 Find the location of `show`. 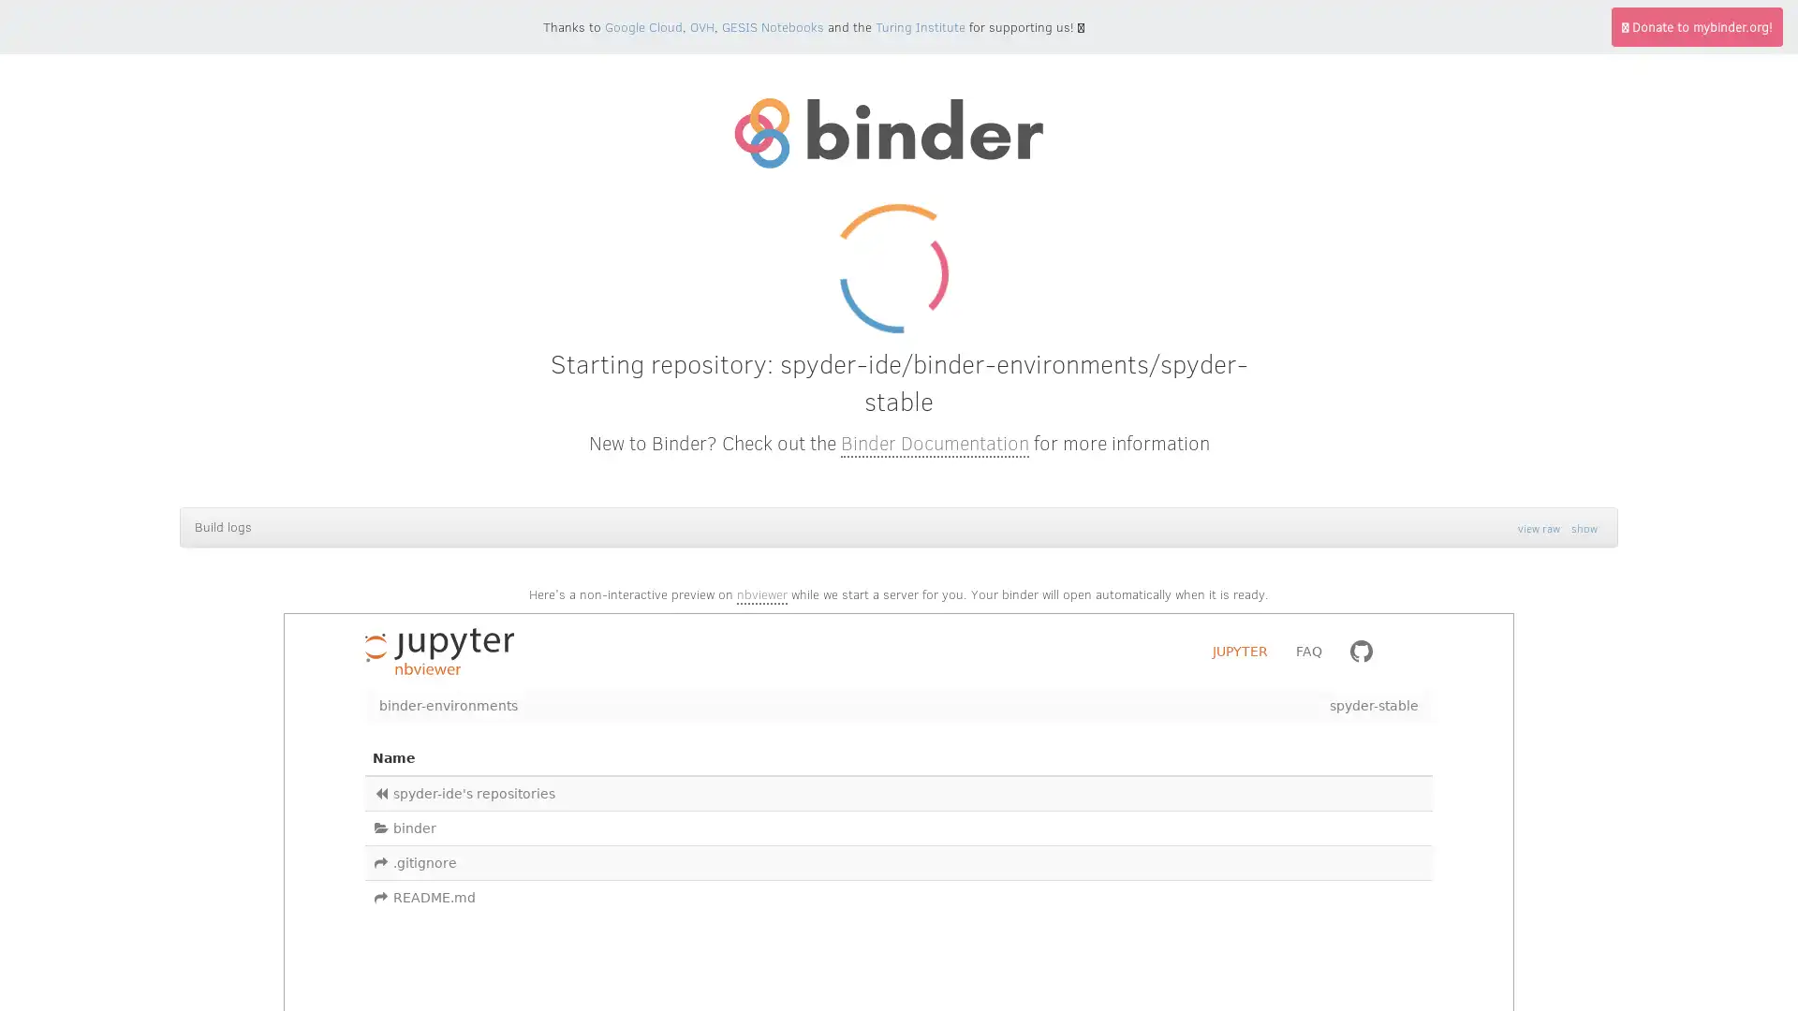

show is located at coordinates (1584, 527).